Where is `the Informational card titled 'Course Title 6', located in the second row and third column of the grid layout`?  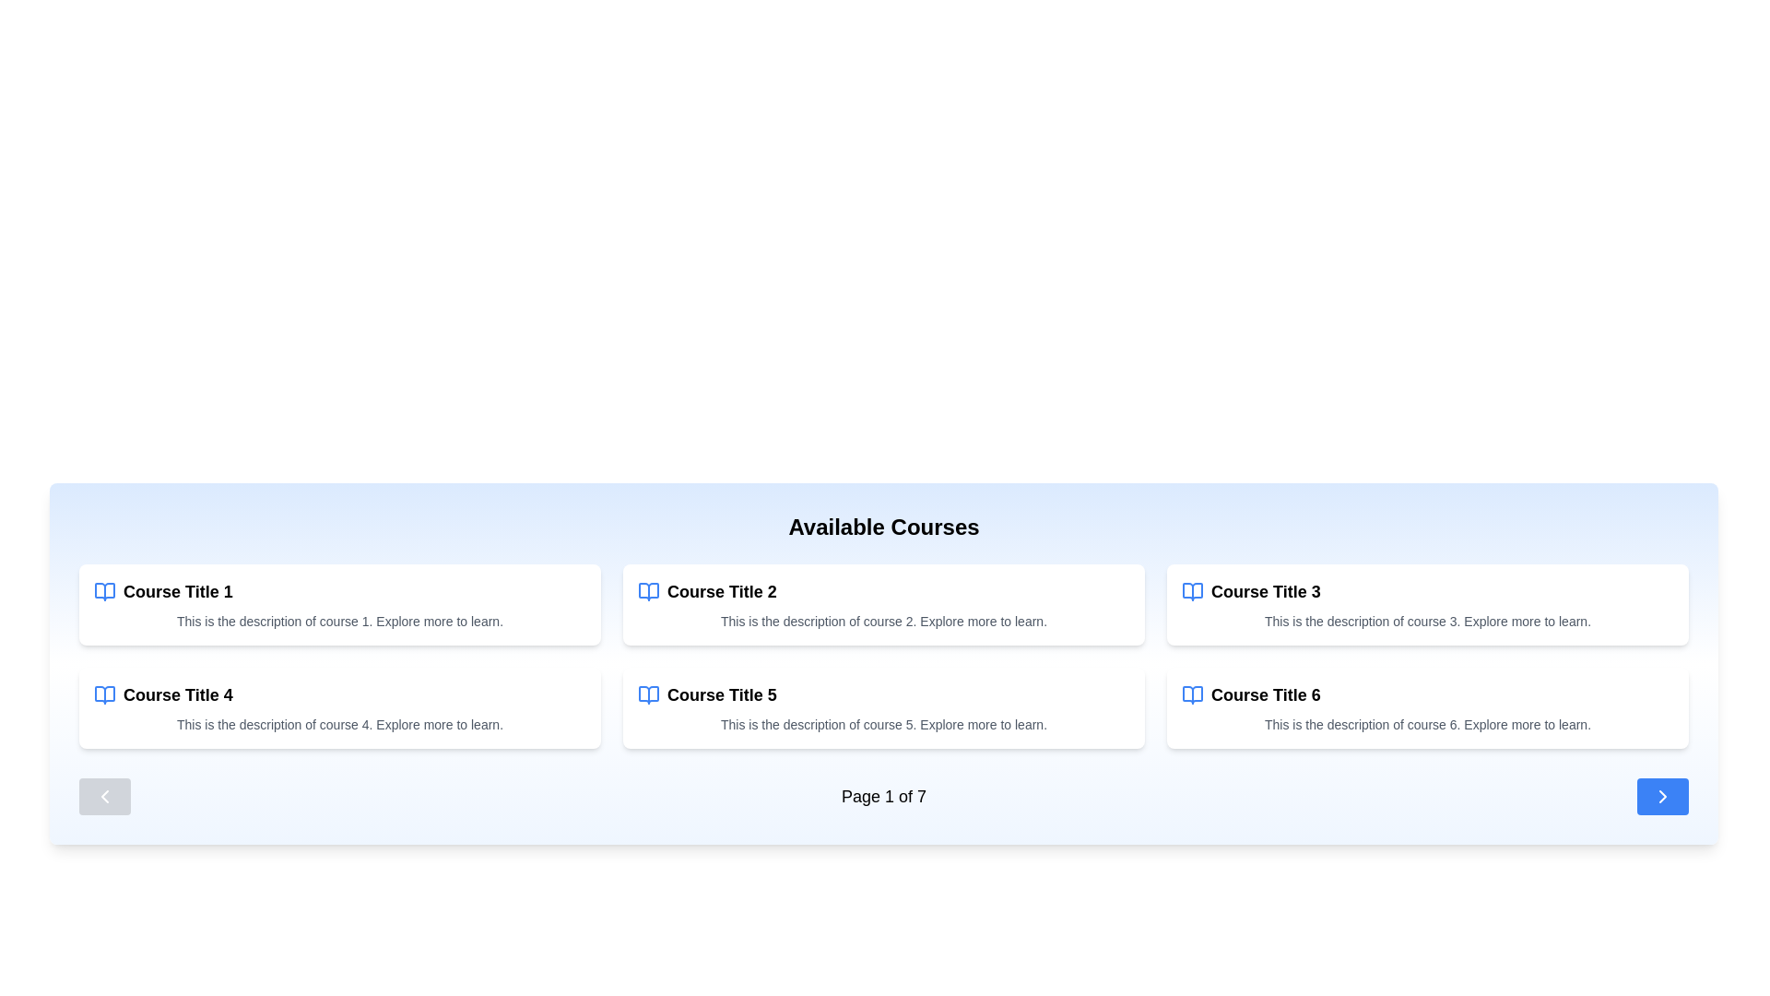 the Informational card titled 'Course Title 6', located in the second row and third column of the grid layout is located at coordinates (1427, 706).